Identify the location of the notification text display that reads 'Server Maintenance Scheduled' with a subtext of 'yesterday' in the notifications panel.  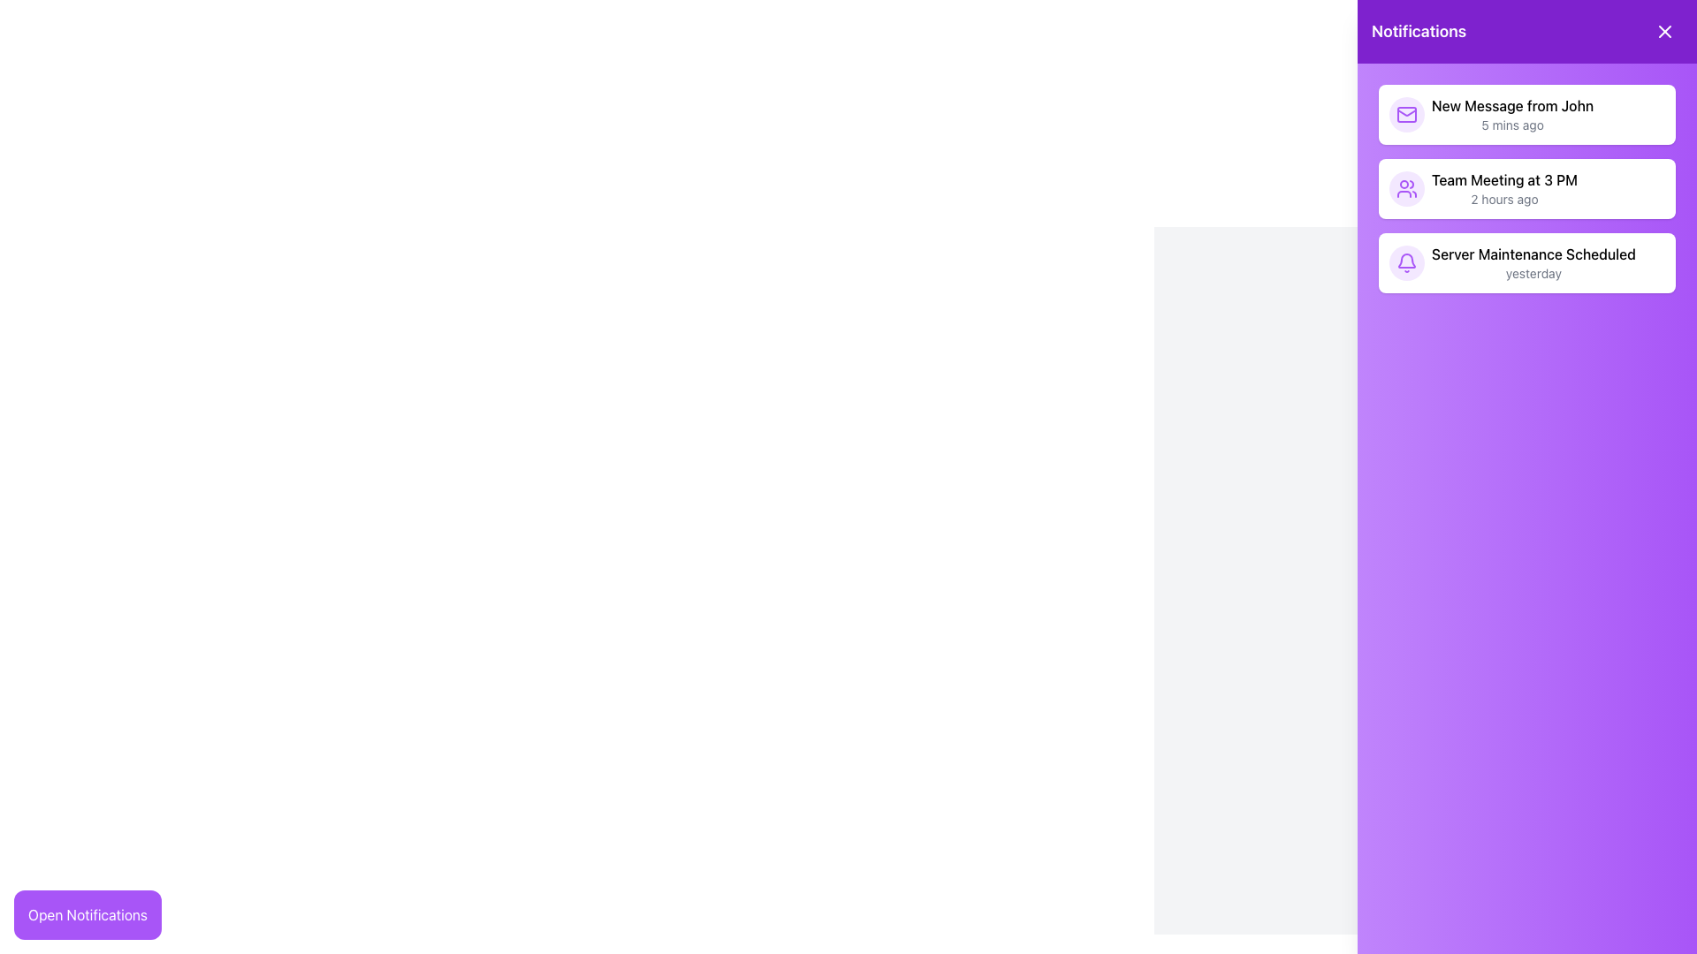
(1533, 262).